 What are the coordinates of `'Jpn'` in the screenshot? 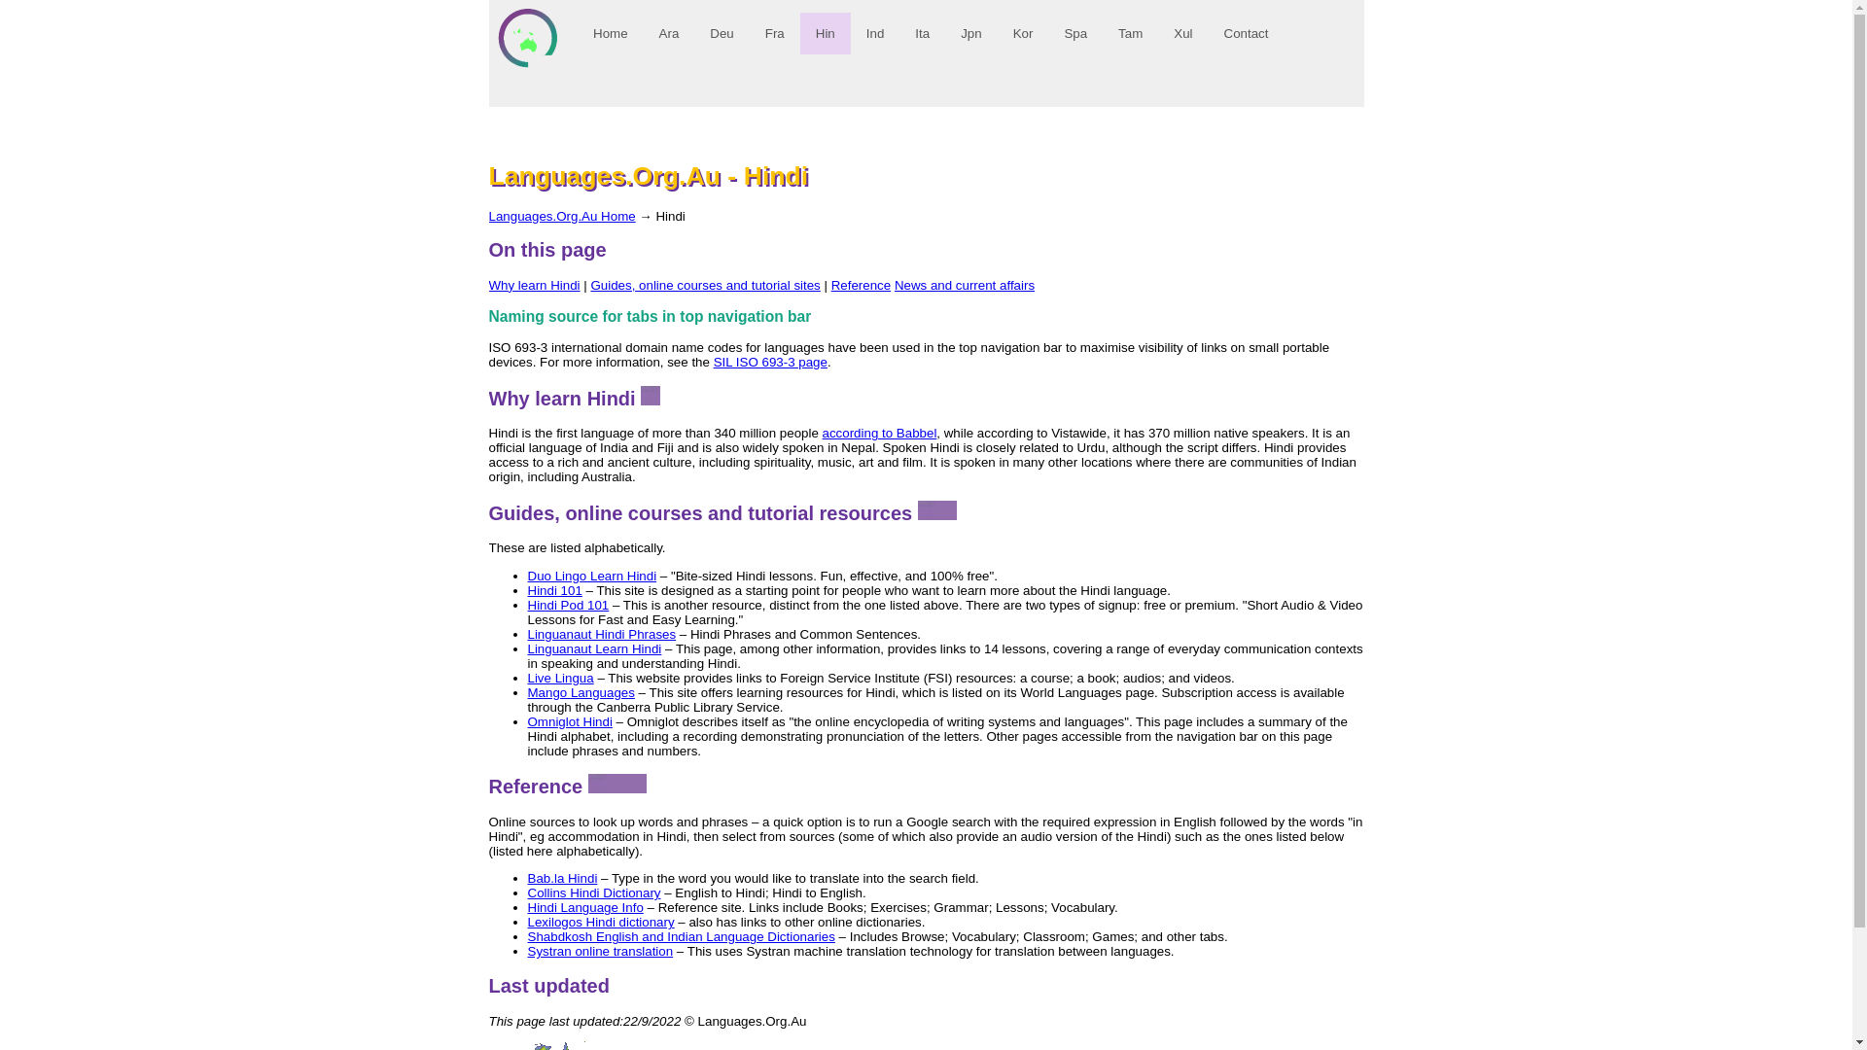 It's located at (970, 33).